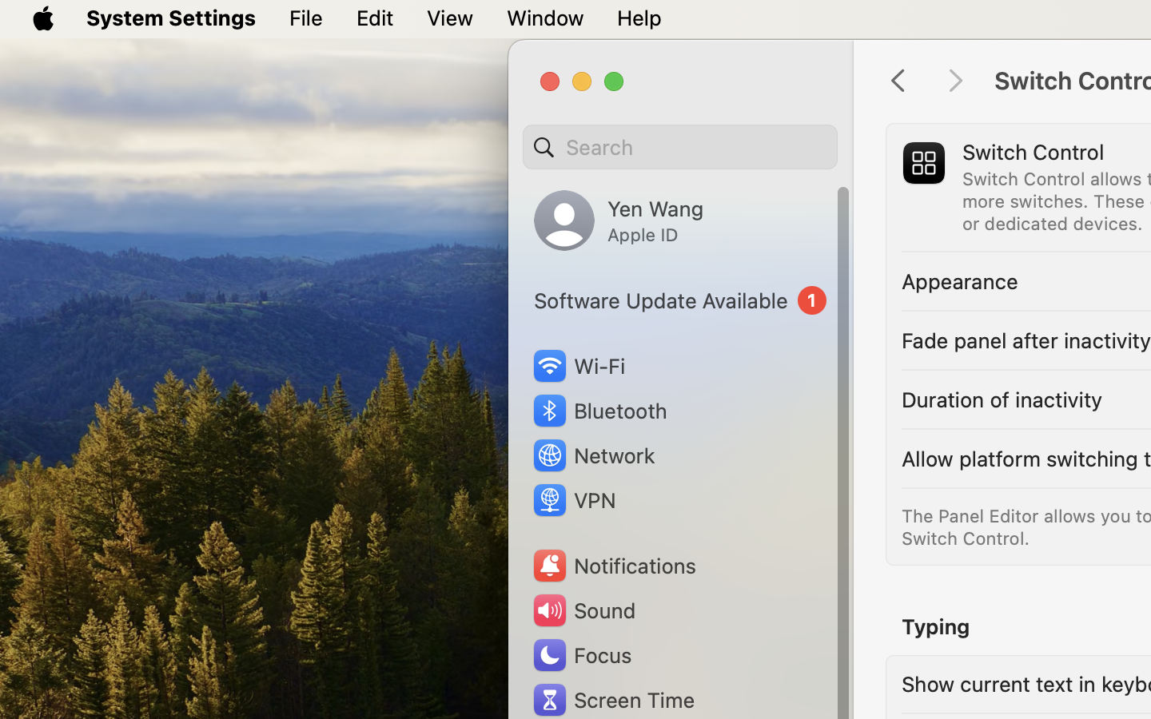 The height and width of the screenshot is (719, 1151). What do you see at coordinates (572, 500) in the screenshot?
I see `'VPN'` at bounding box center [572, 500].